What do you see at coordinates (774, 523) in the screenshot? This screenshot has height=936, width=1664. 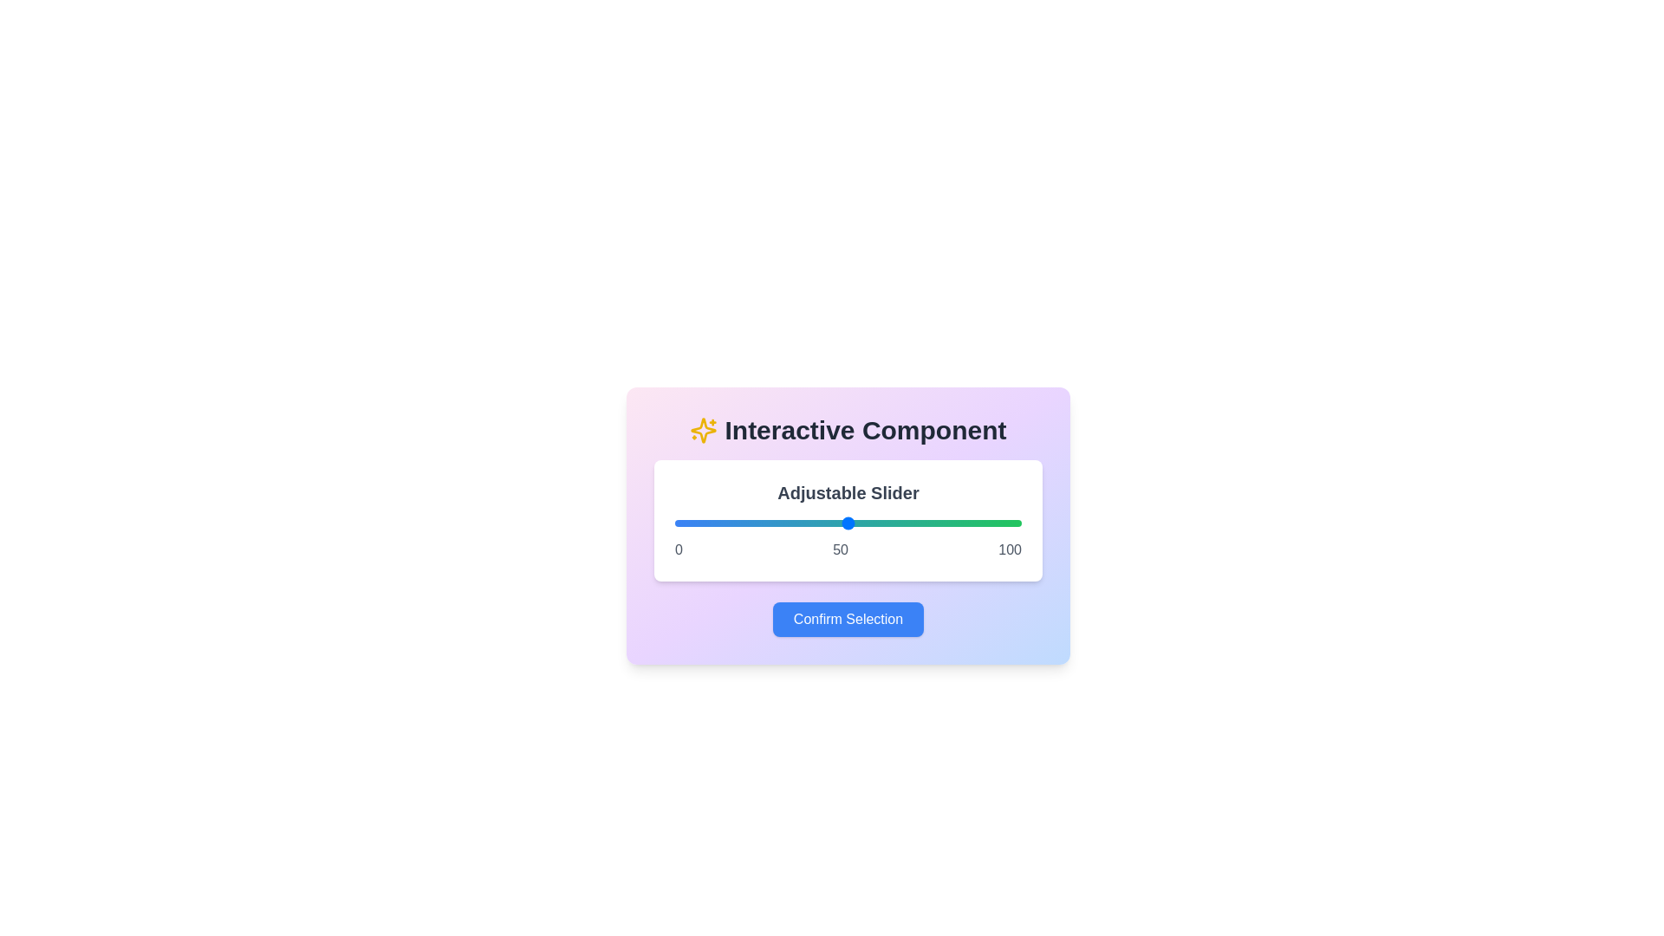 I see `the slider to a specific value 29` at bounding box center [774, 523].